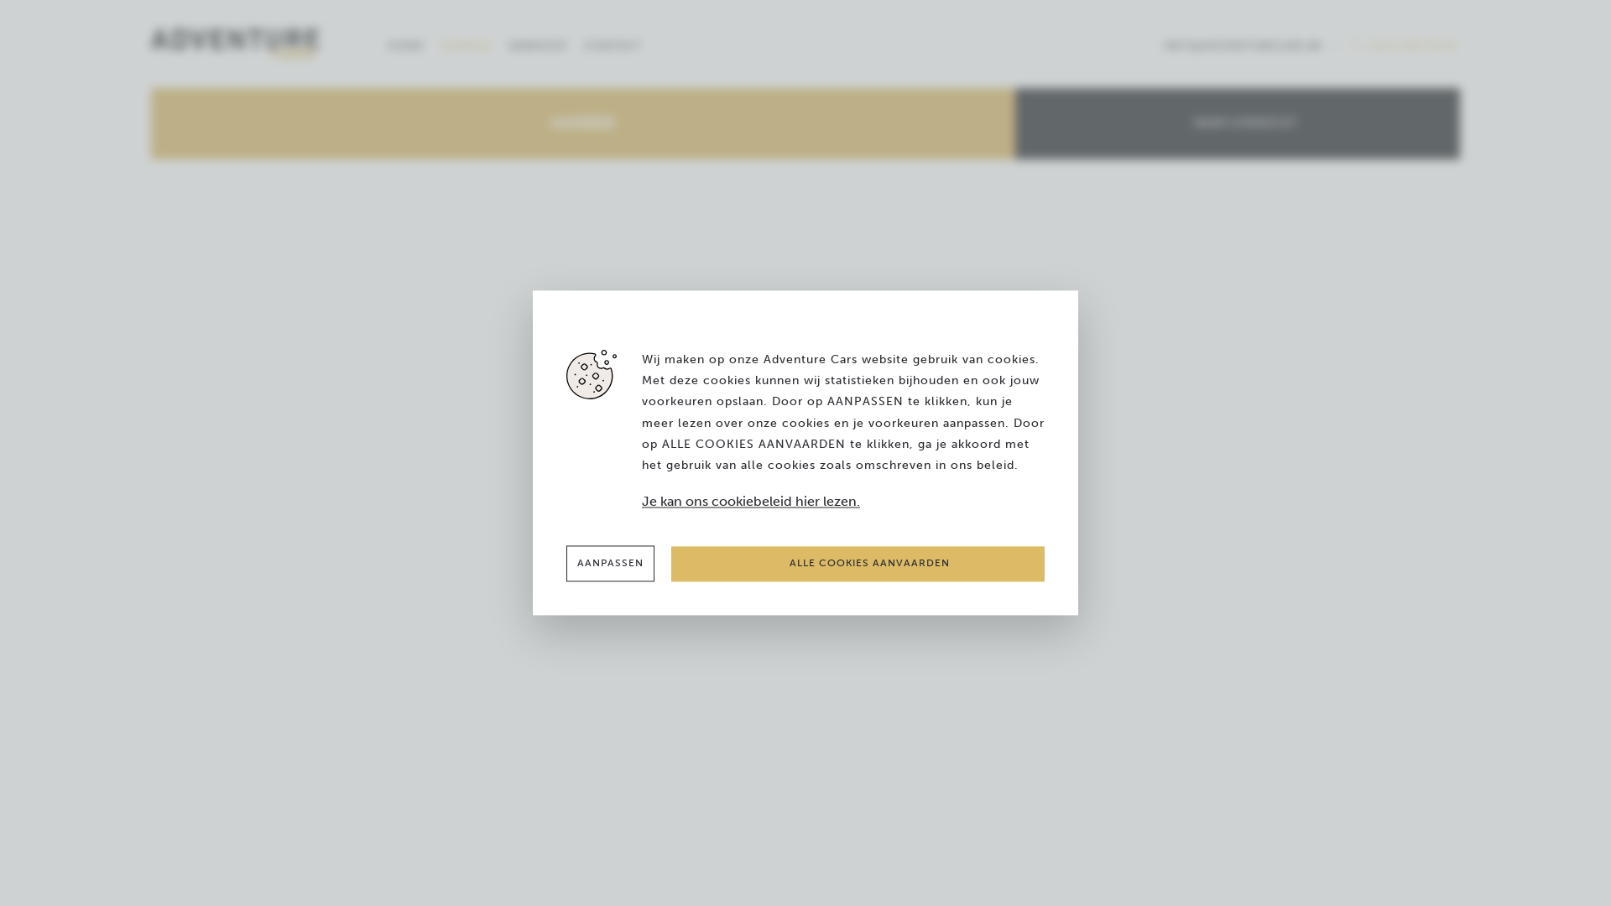  Describe the element at coordinates (1231, 122) in the screenshot. I see `'NAAR OVERZICHT'` at that location.